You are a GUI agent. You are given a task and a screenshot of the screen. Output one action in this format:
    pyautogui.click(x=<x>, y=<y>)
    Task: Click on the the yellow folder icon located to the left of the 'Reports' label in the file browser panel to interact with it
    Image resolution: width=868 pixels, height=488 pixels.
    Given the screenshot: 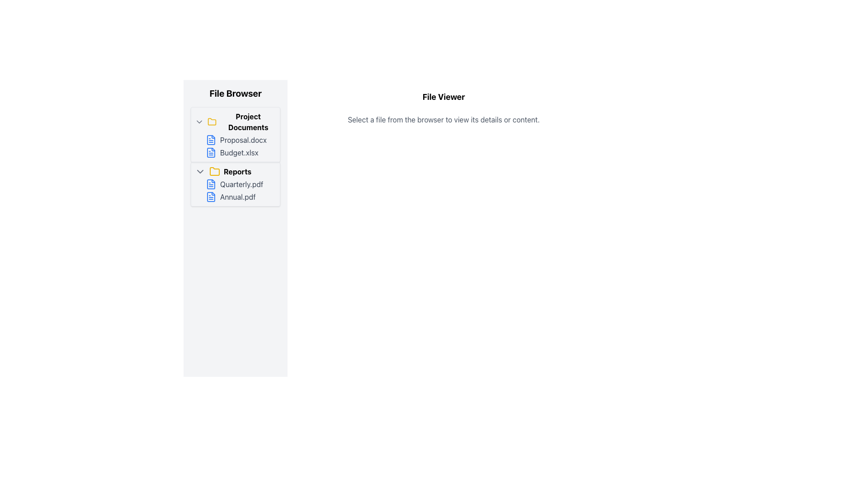 What is the action you would take?
    pyautogui.click(x=214, y=171)
    